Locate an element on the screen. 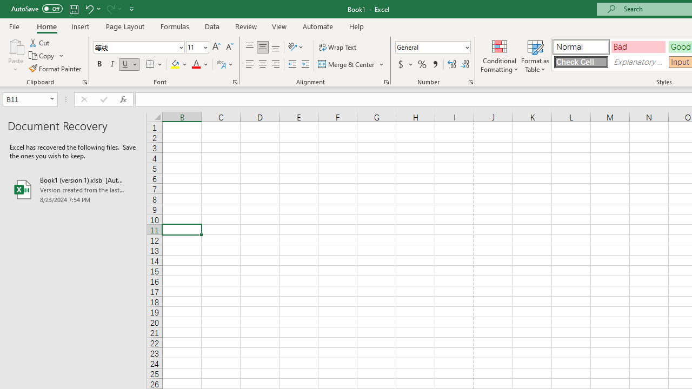  'Number Format' is located at coordinates (432, 46).